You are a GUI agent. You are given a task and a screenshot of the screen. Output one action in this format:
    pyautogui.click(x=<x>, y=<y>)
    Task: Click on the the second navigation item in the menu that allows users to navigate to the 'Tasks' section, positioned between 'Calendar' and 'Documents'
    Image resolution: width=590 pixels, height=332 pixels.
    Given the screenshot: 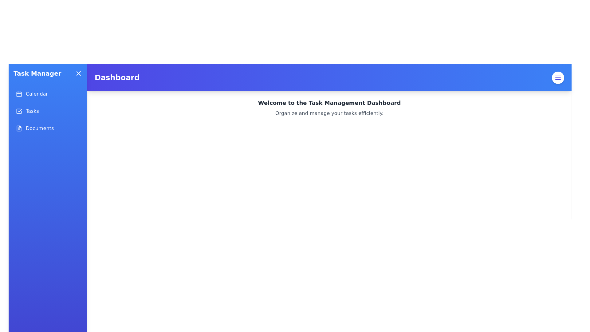 What is the action you would take?
    pyautogui.click(x=48, y=111)
    